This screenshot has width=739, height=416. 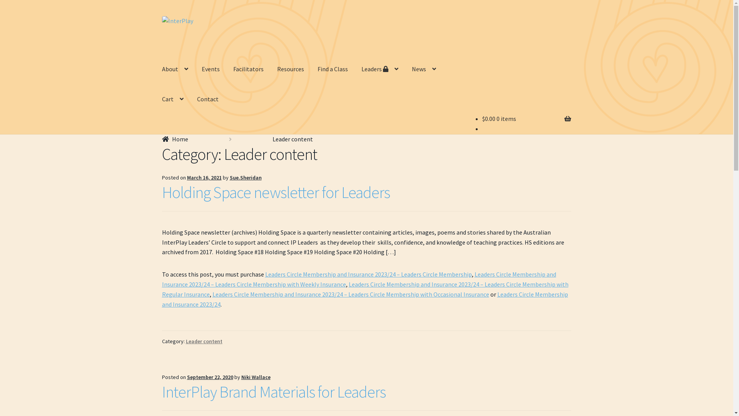 I want to click on 'Events', so click(x=196, y=69).